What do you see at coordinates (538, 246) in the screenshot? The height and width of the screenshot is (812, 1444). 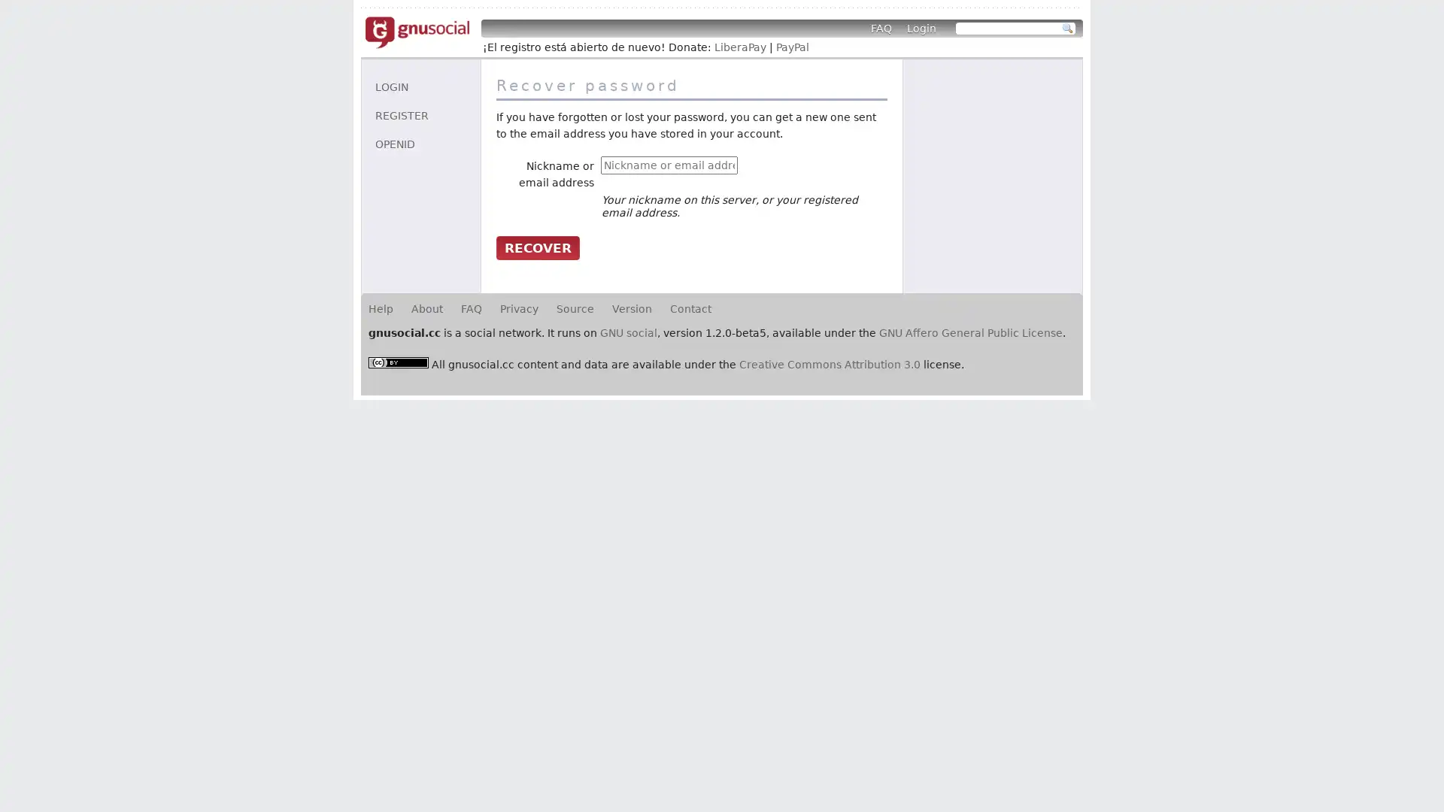 I see `Recover` at bounding box center [538, 246].